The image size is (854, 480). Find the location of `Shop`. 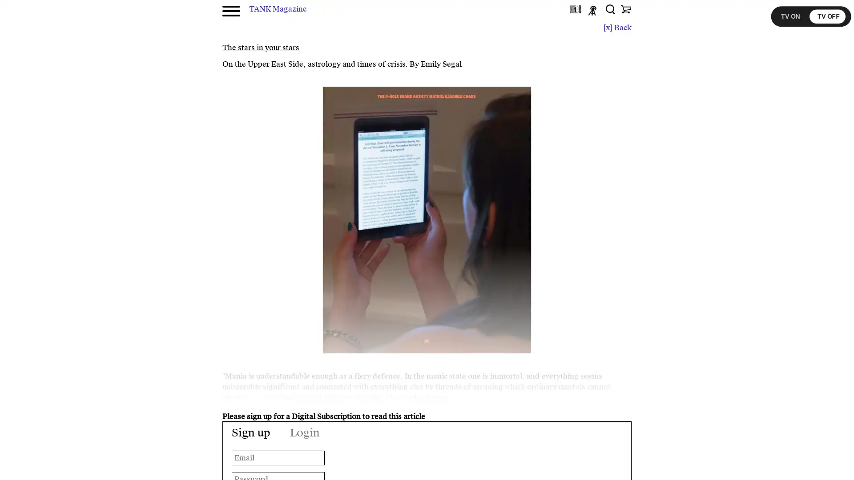

Shop is located at coordinates (625, 9).